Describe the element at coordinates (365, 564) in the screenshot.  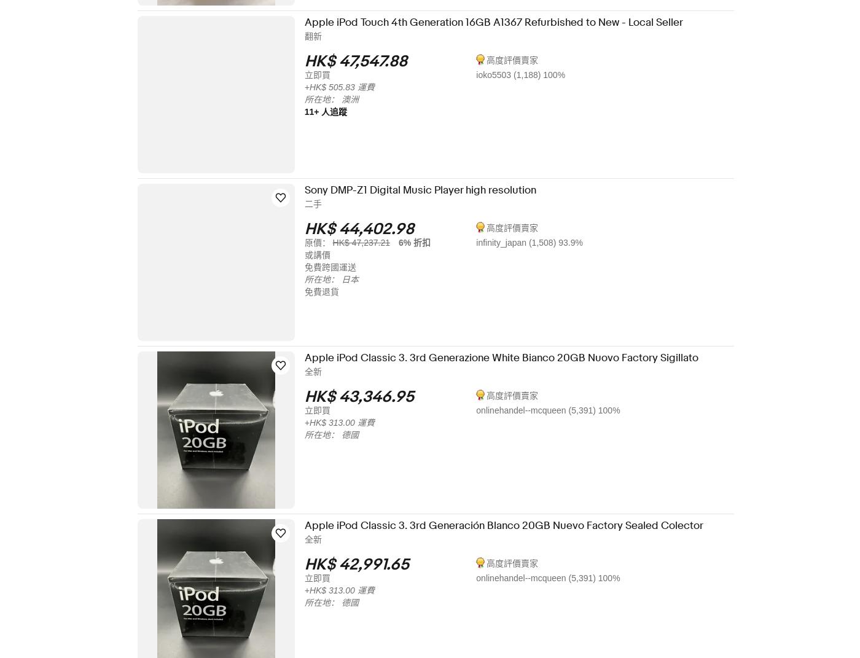
I see `'HK$ 42,991.65'` at that location.